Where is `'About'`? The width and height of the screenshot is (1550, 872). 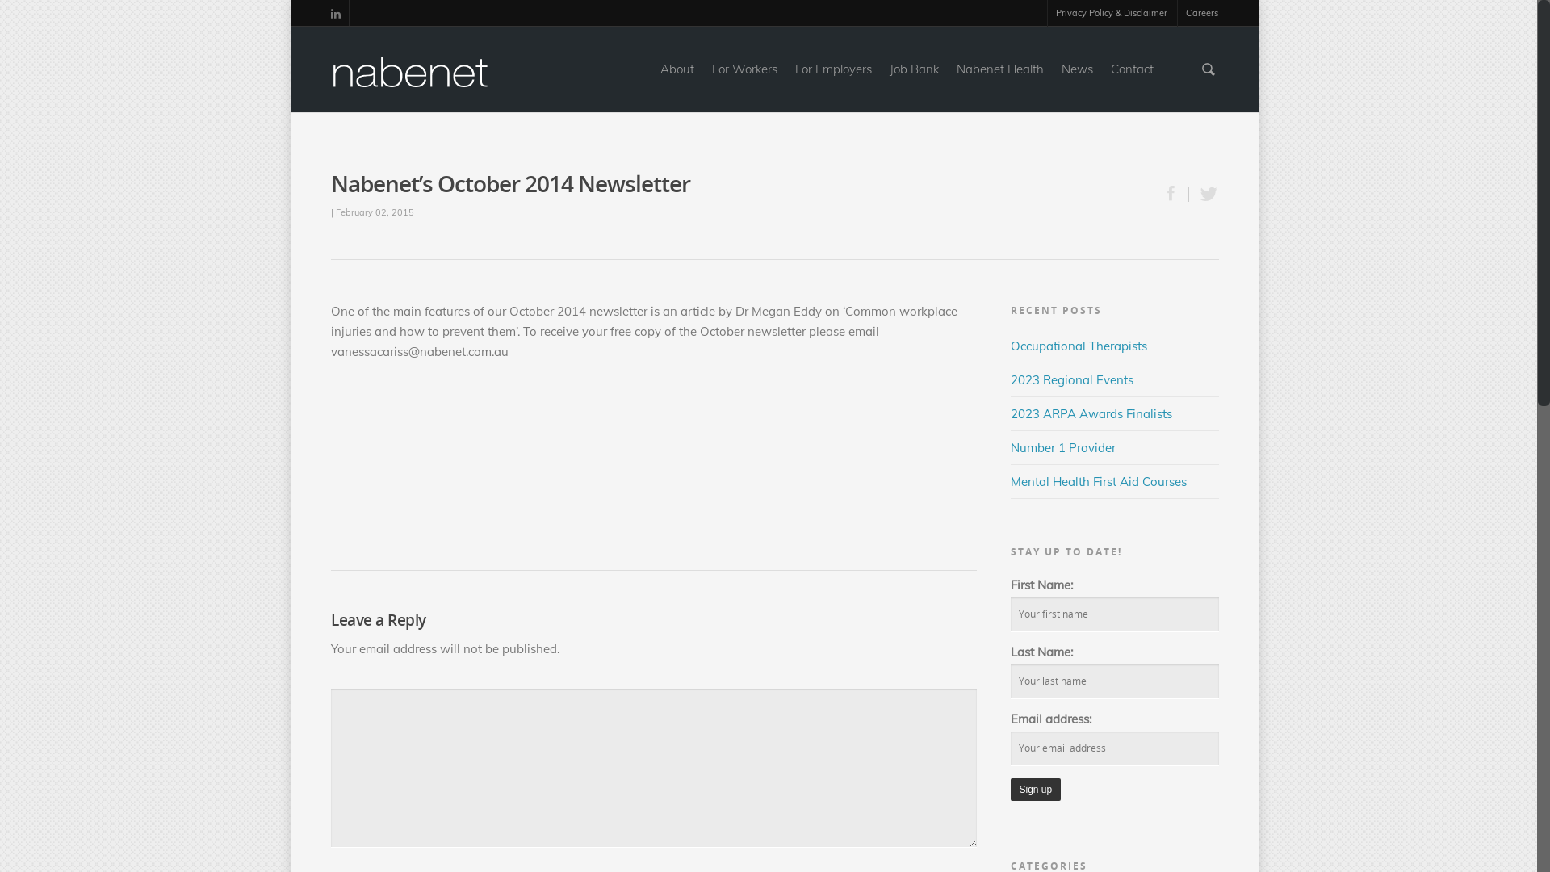 'About' is located at coordinates (677, 81).